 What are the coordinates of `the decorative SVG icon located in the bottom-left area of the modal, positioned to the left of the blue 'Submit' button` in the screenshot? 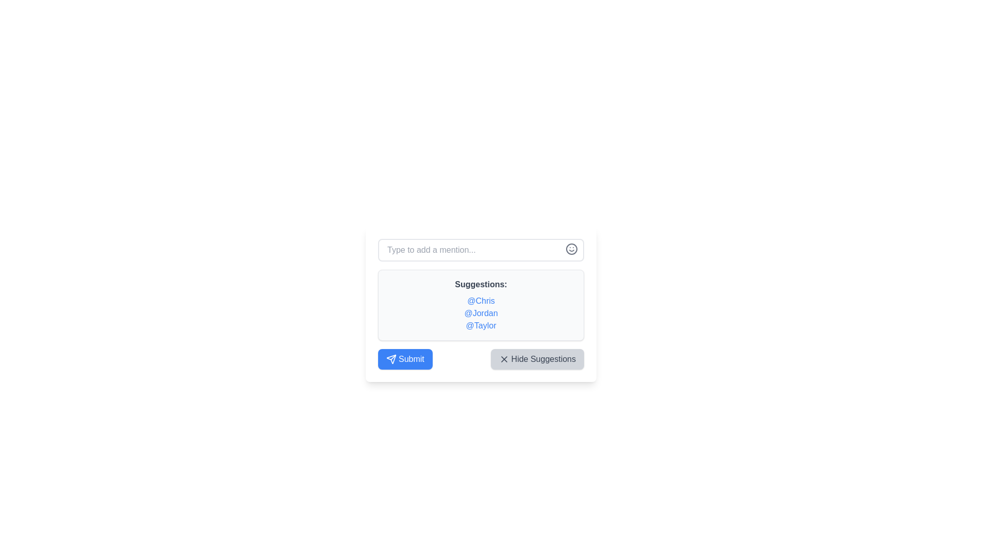 It's located at (390, 359).